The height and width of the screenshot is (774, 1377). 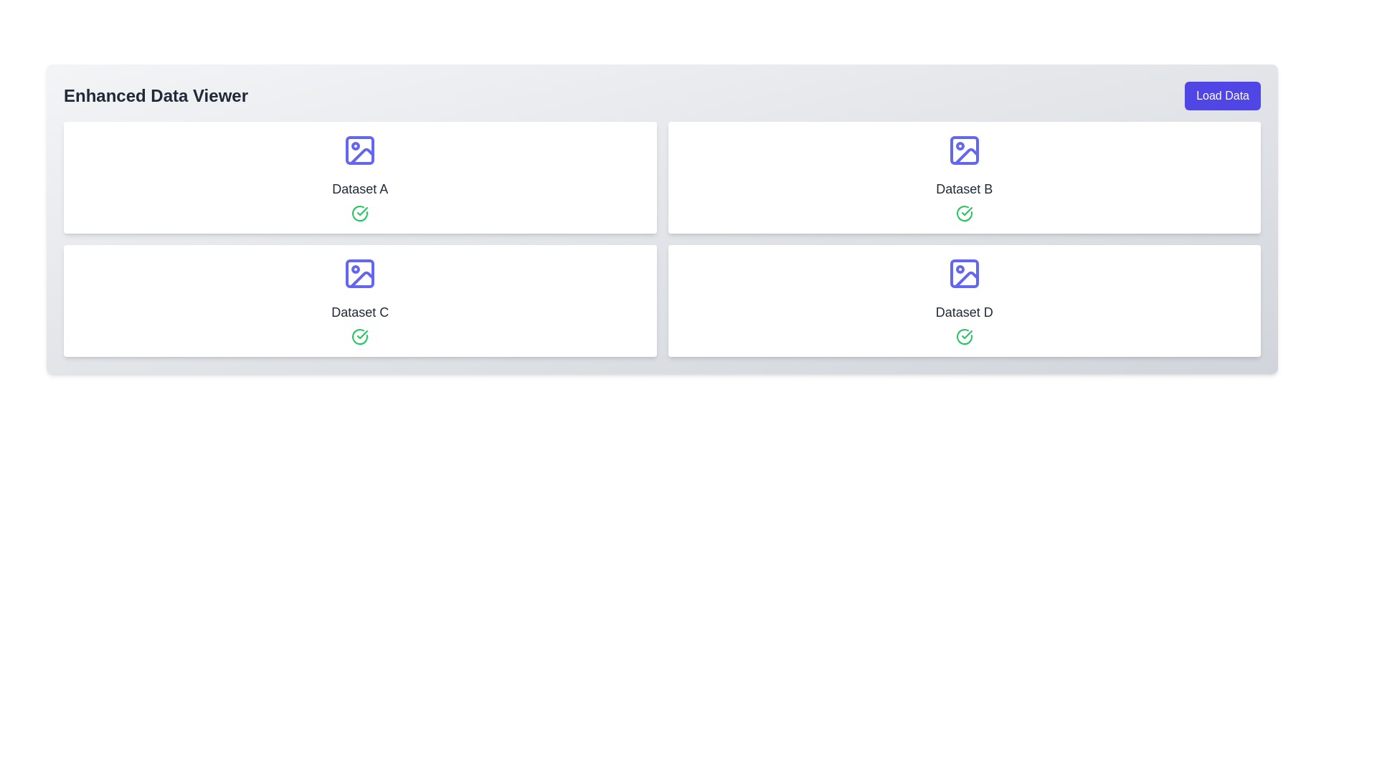 What do you see at coordinates (360, 150) in the screenshot?
I see `the vibrant indigo SVG icon resembling a picture frame, located above the 'Dataset A' label and the green checkmark icon` at bounding box center [360, 150].